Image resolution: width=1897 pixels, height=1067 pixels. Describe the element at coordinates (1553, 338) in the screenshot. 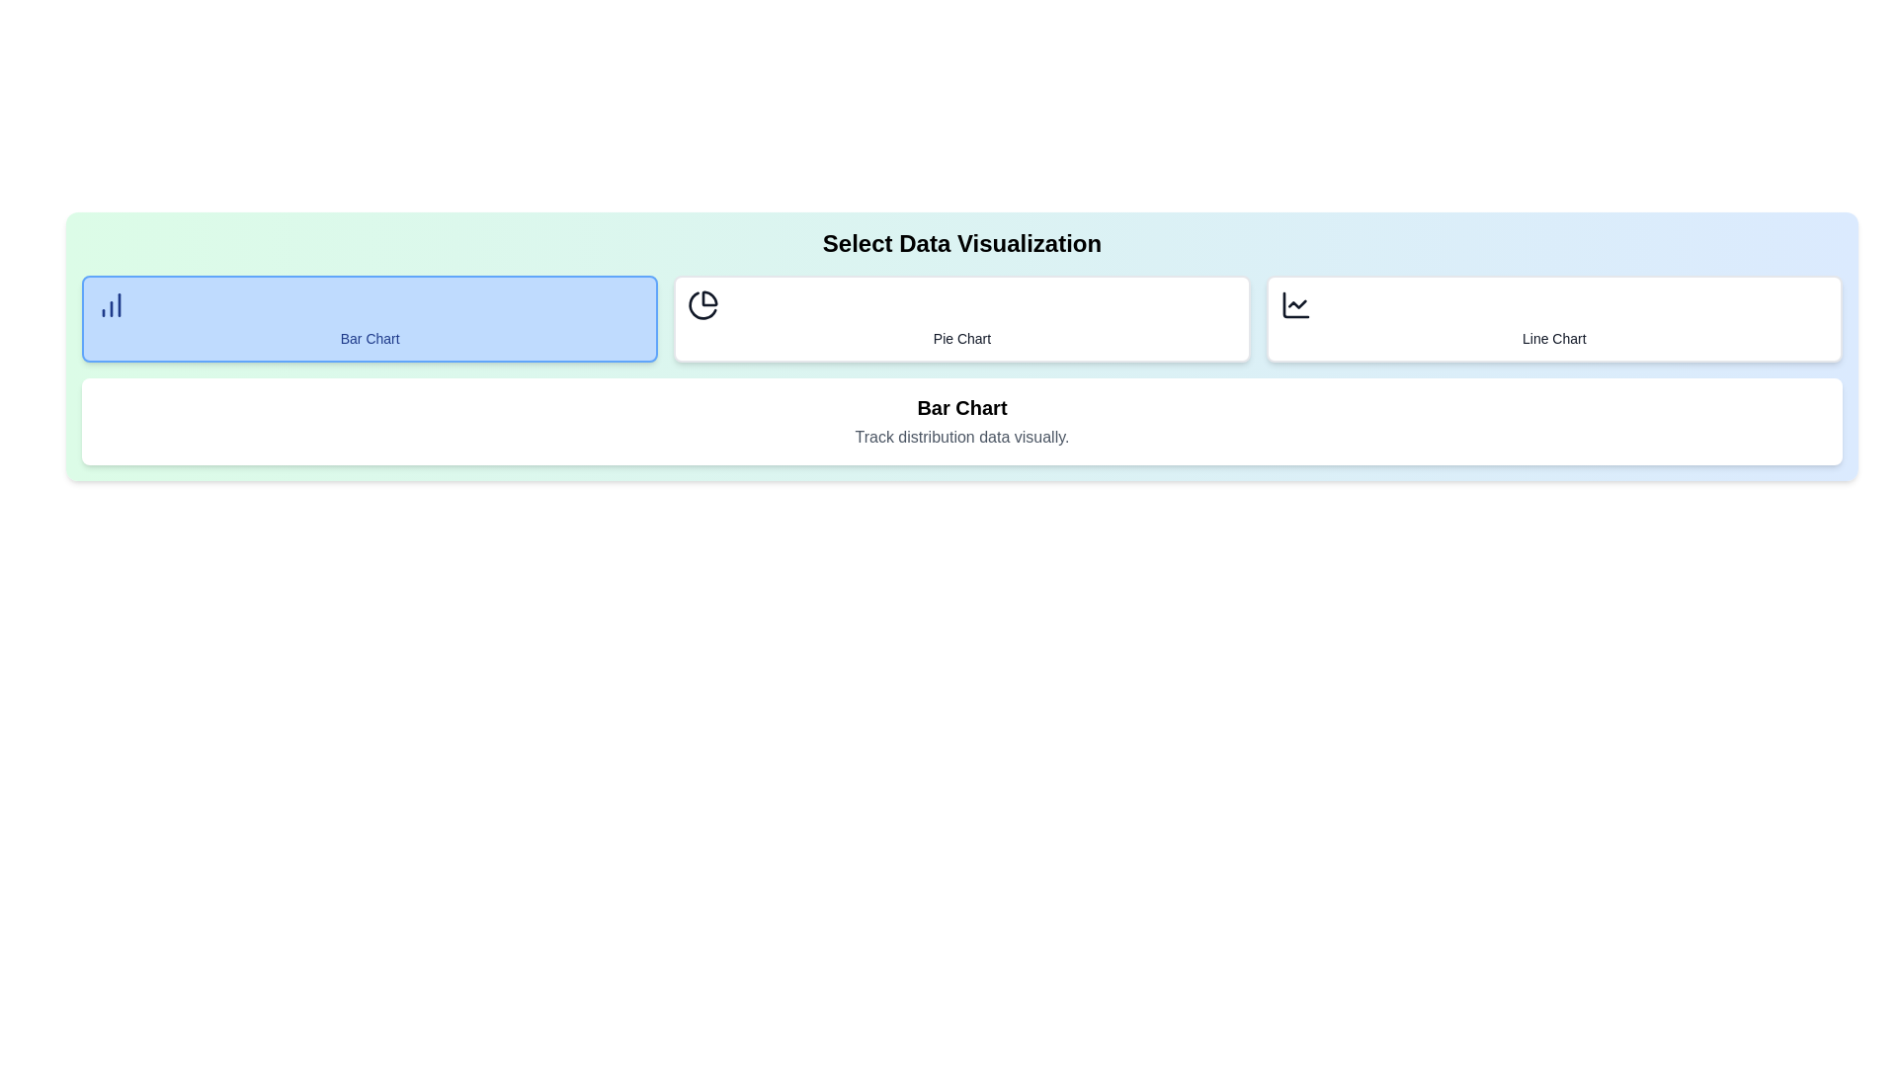

I see `the static text label that says 'Line Chart', which is styled in a small, medium-weight font and located below the line chart icon in the rightmost card of three interactive cards` at that location.